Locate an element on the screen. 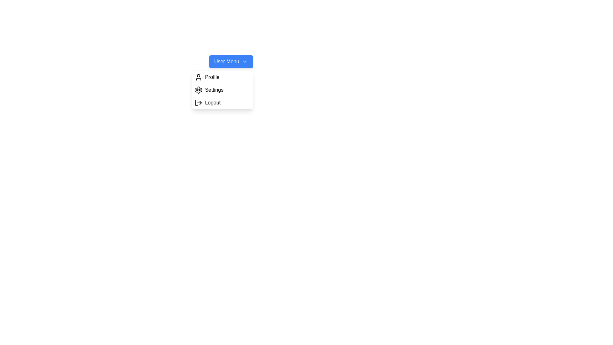 The height and width of the screenshot is (345, 613). the logout icon represented by a triangular arrow pointing to the right, which is located next to the 'Logout' label in the dropdown menu is located at coordinates (200, 102).